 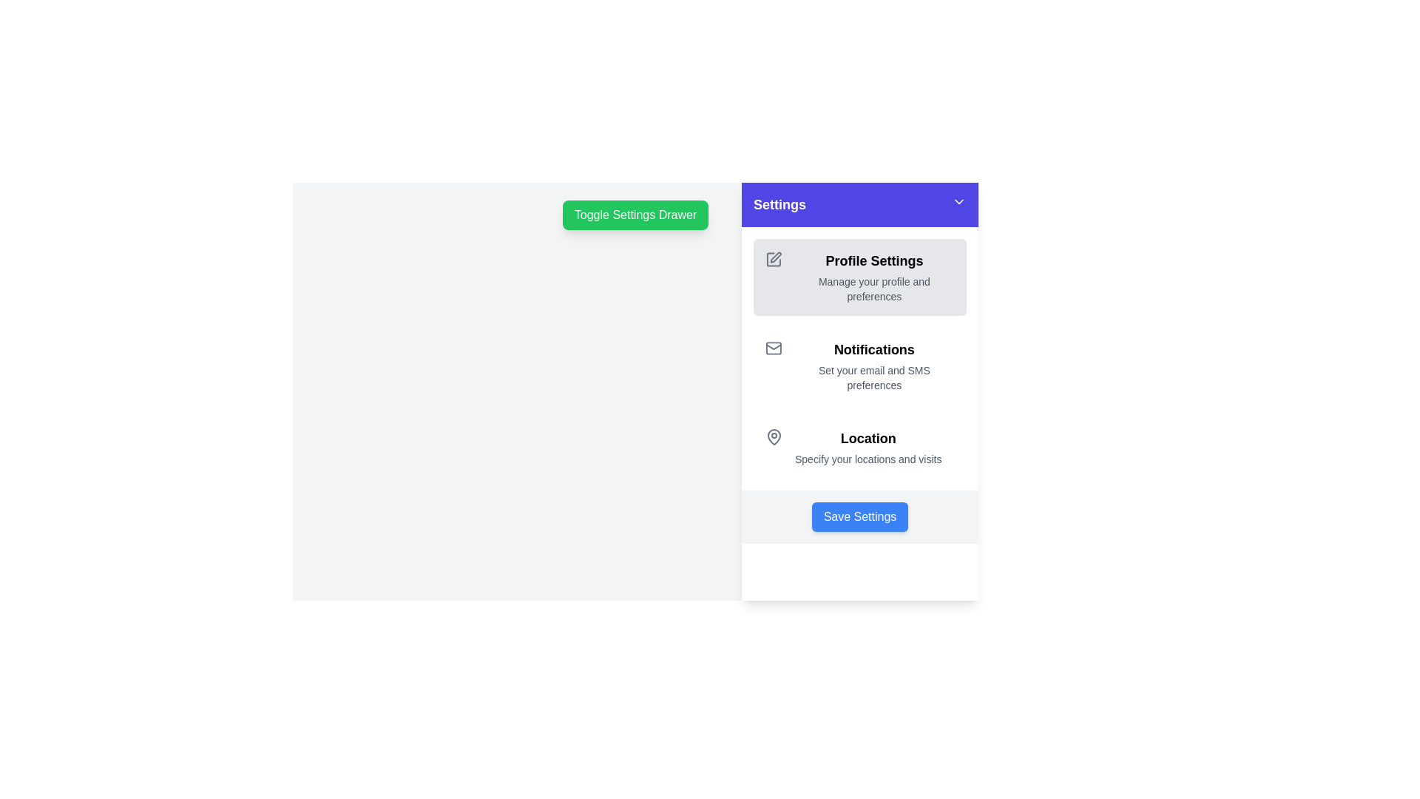 I want to click on the edit icon located in the 'Profile Settings' section of the settings panel, which serves as a visual indicator for editing or modifying purposes, so click(x=775, y=257).